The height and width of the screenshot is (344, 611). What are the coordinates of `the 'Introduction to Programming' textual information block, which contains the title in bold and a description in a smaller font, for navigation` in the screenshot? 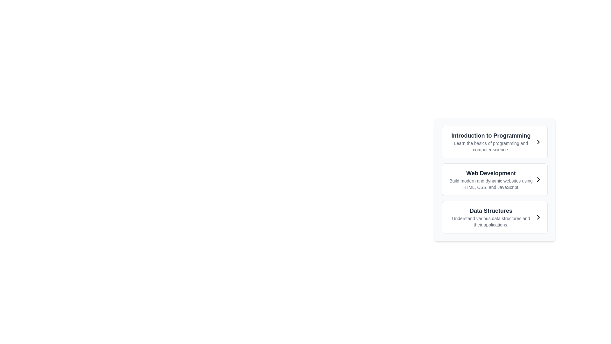 It's located at (490, 142).